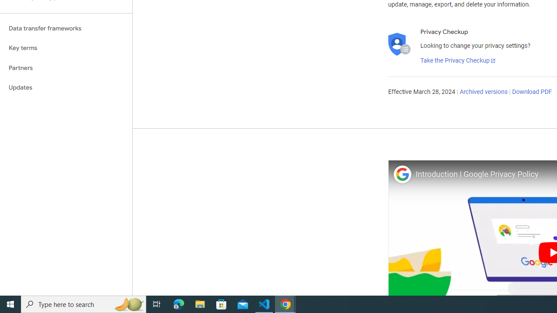  Describe the element at coordinates (402, 174) in the screenshot. I see `'Photo image of Google'` at that location.